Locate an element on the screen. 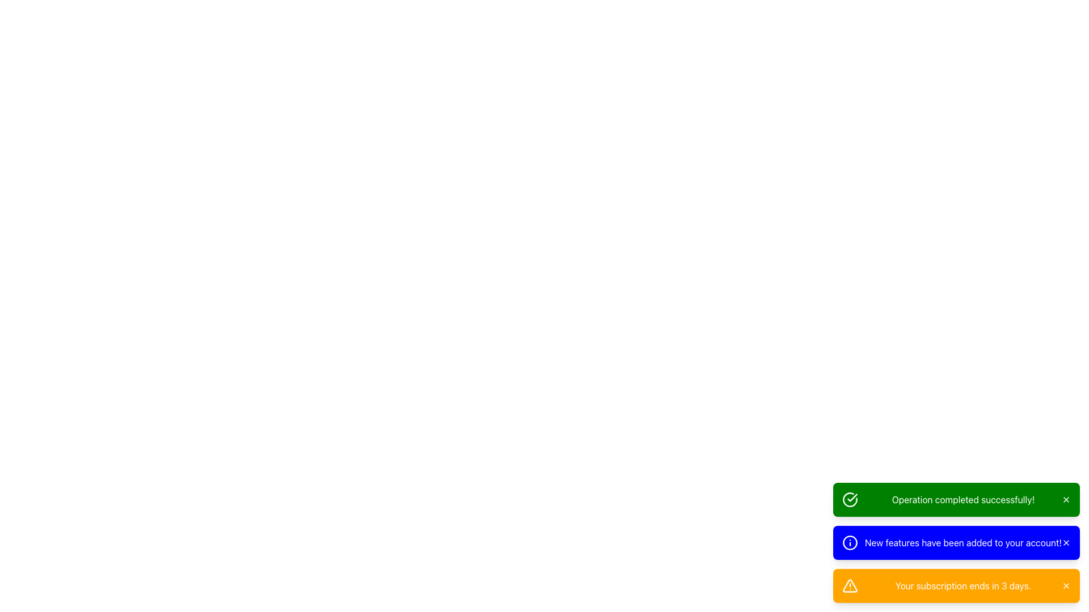 This screenshot has height=612, width=1089. the blue text label embedded in the notification card, which is the second card from the top in a vertical stack is located at coordinates (963, 542).